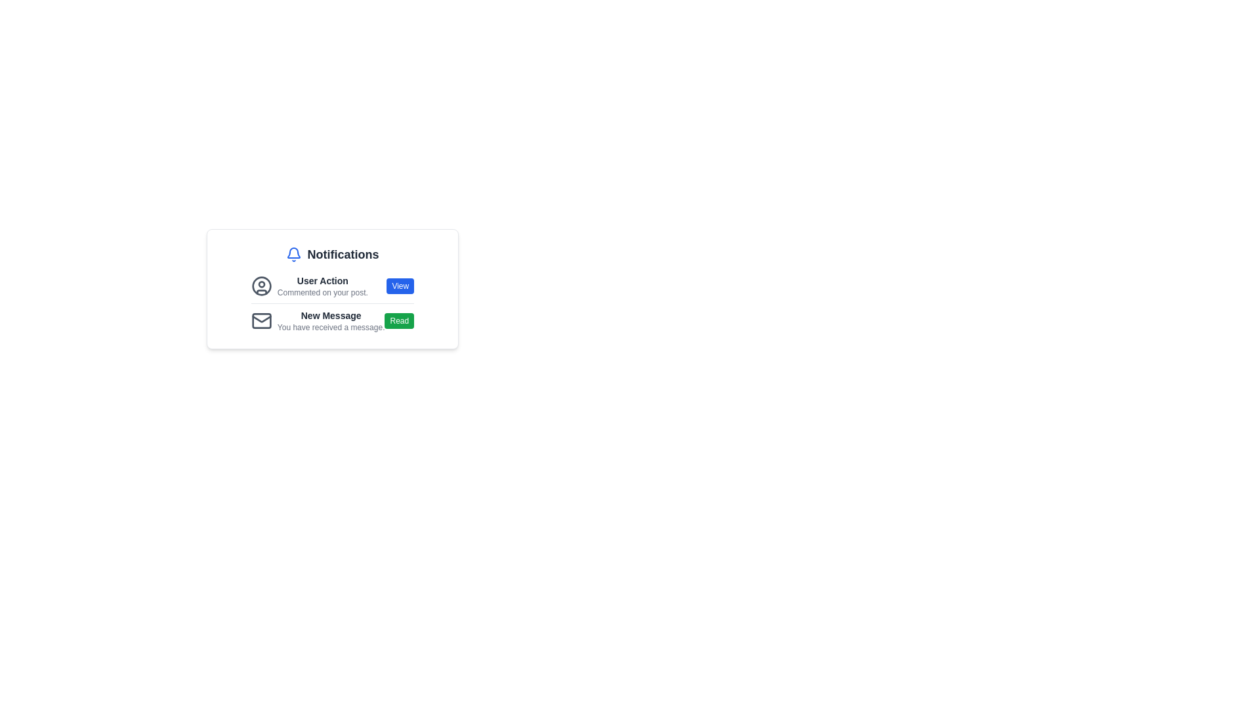  I want to click on the notification message text block located in the lower section of the notification card to read the message, so click(331, 321).